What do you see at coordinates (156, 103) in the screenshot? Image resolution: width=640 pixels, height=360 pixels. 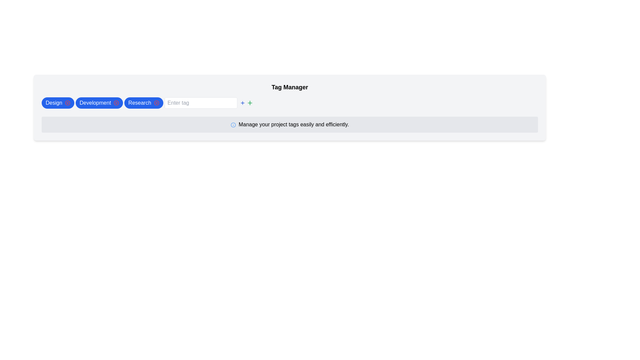 I see `the red circular 'X' icon located to the right of the 'Research' button` at bounding box center [156, 103].